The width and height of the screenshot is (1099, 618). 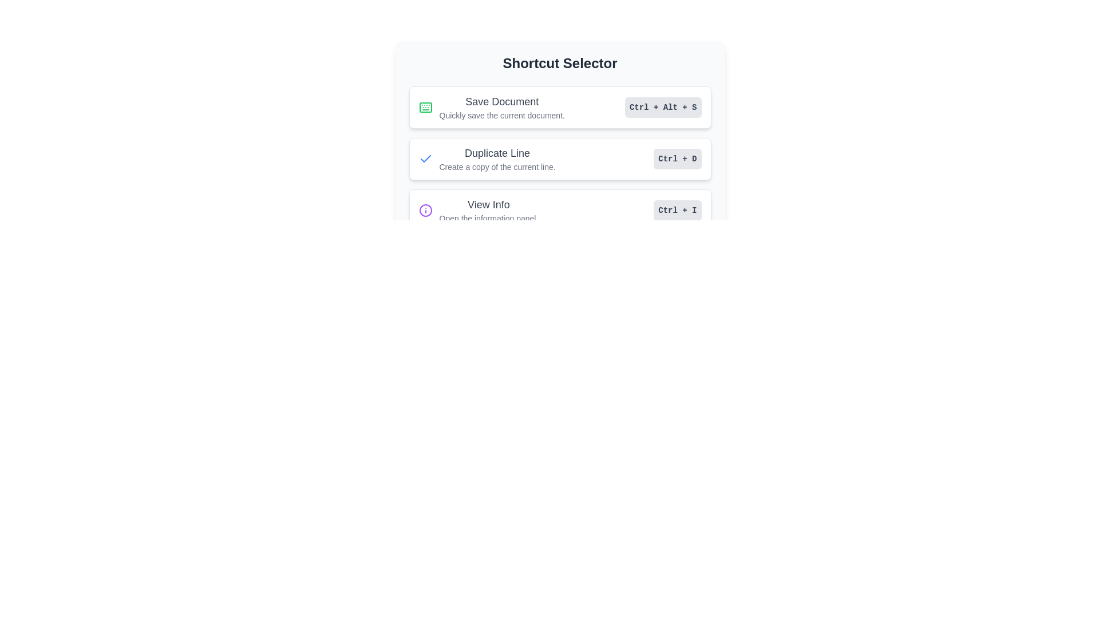 I want to click on the text displayed on the 'Ctrl + I' button-like UI element located in the 'View Info' section of the 'Shortcut Selector' interface, so click(x=677, y=210).